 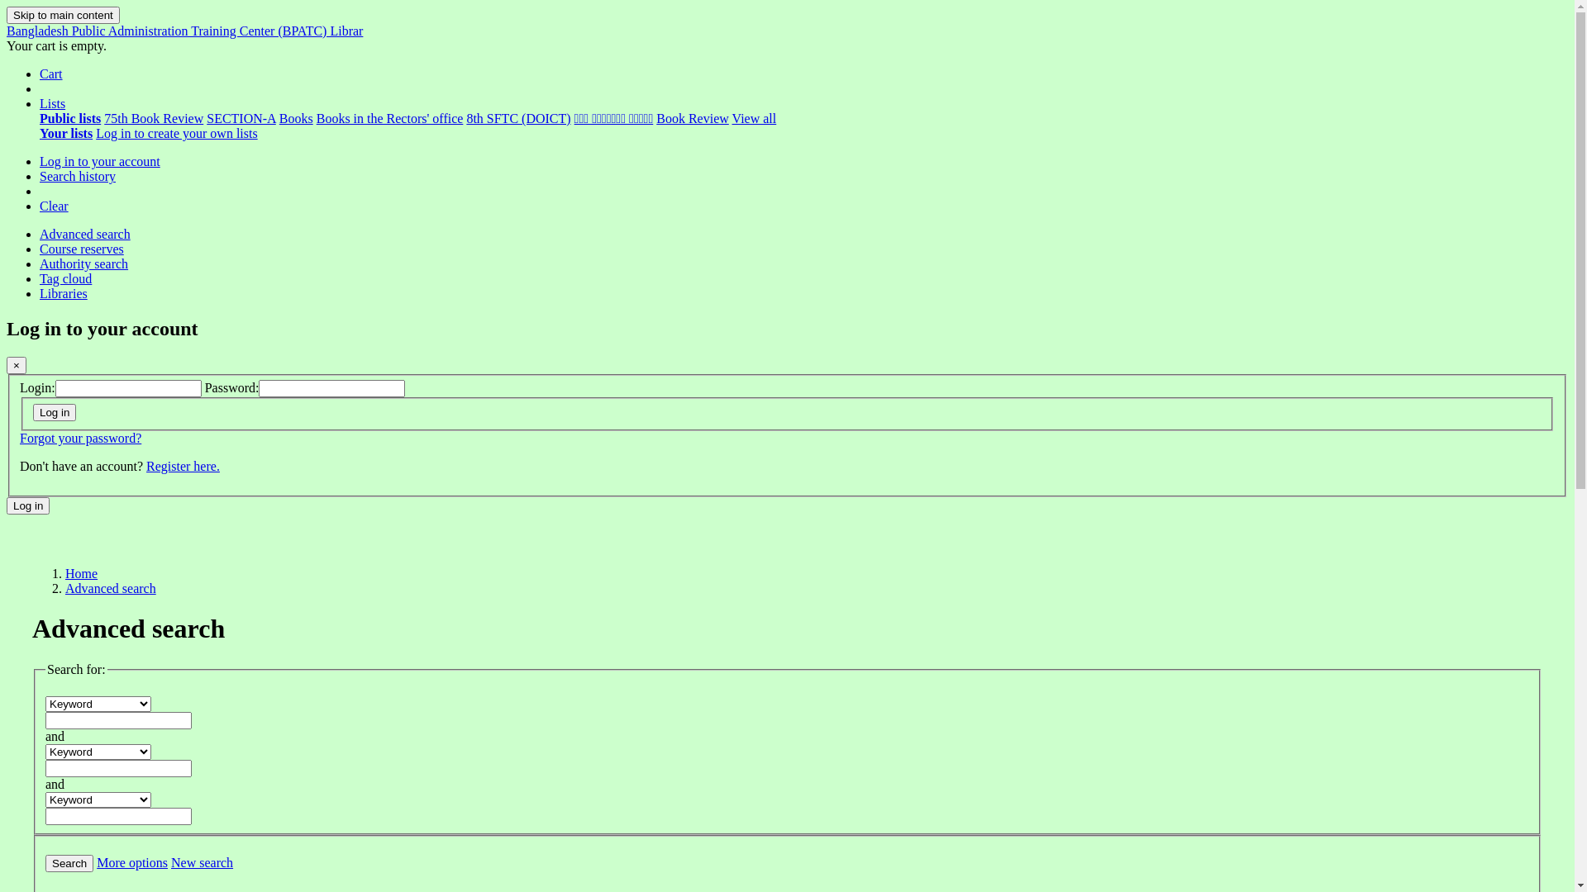 What do you see at coordinates (146, 466) in the screenshot?
I see `'Register here.'` at bounding box center [146, 466].